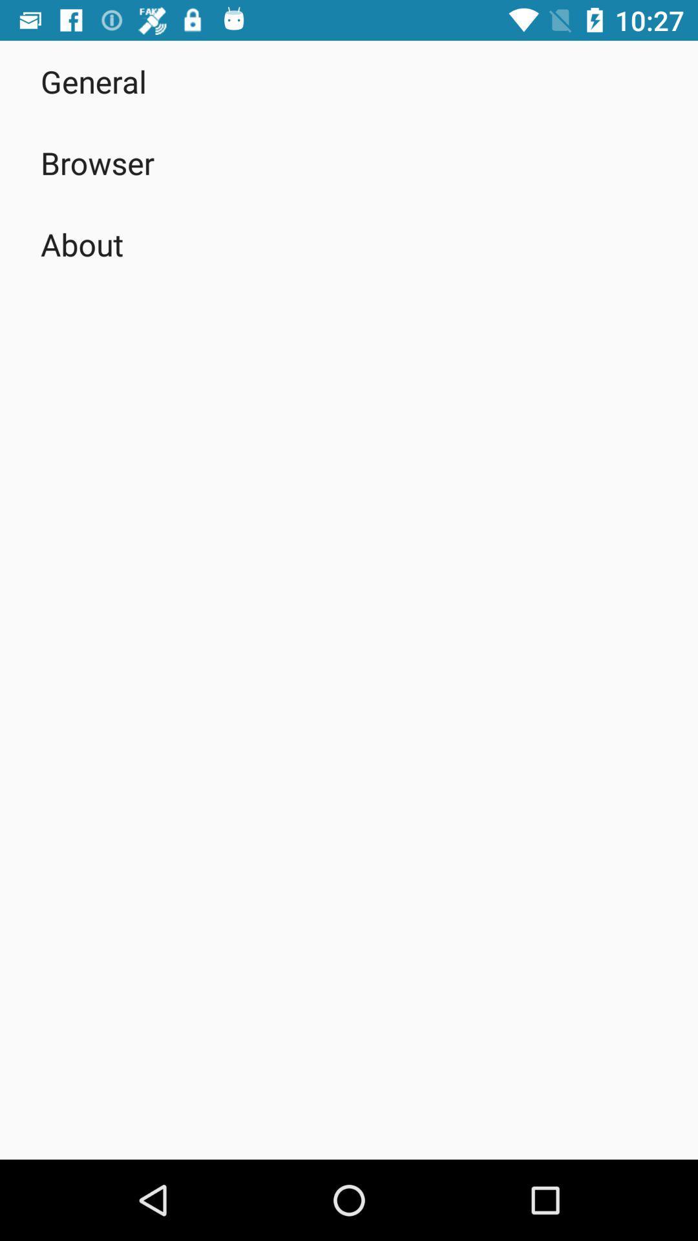 Image resolution: width=698 pixels, height=1241 pixels. I want to click on app below browser, so click(82, 244).